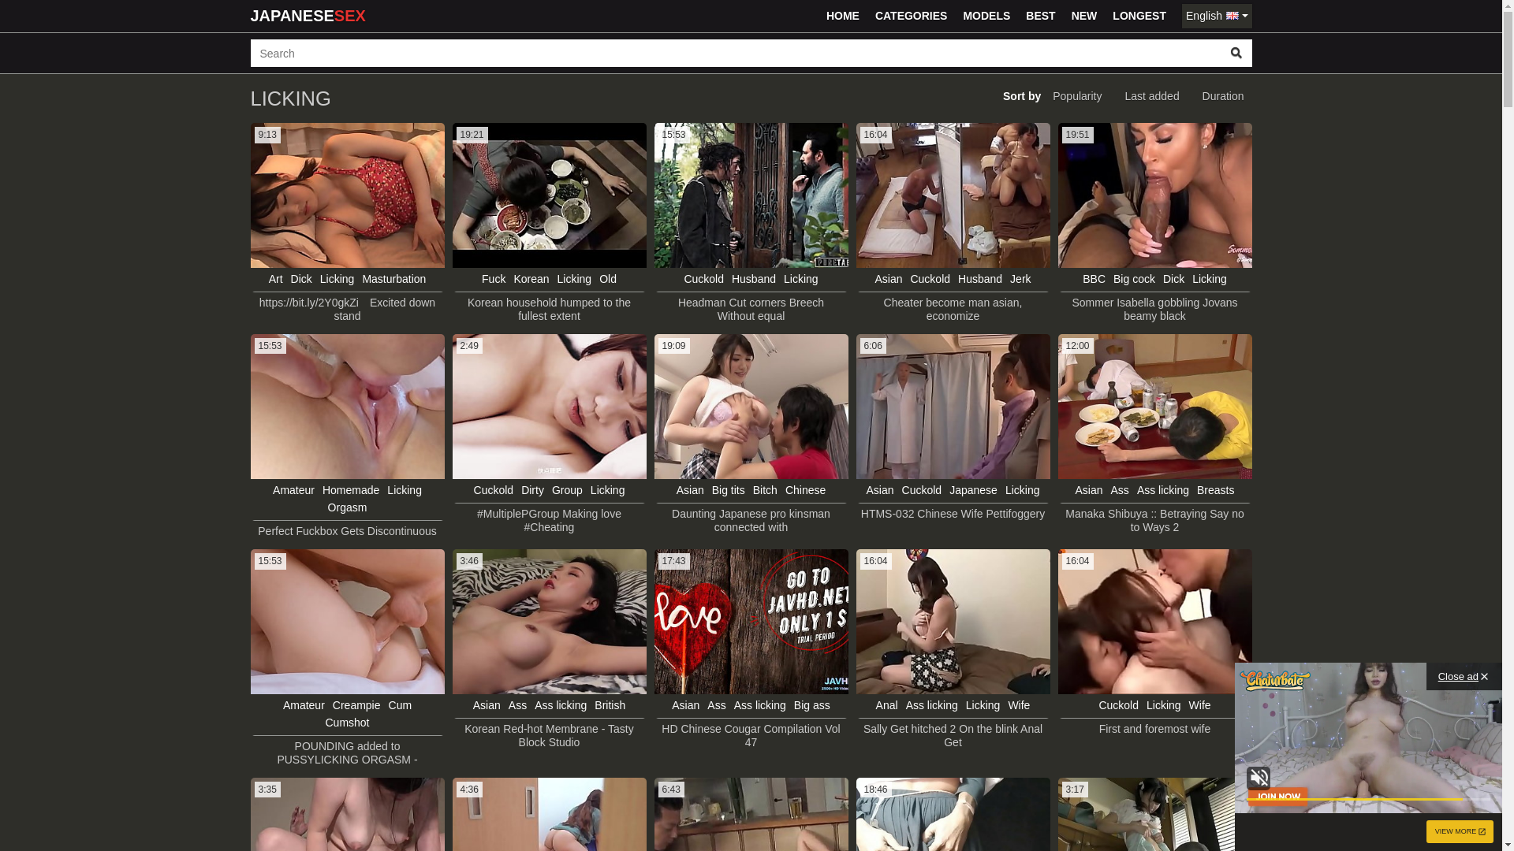 The height and width of the screenshot is (851, 1514). Describe the element at coordinates (1093, 278) in the screenshot. I see `'BBC'` at that location.